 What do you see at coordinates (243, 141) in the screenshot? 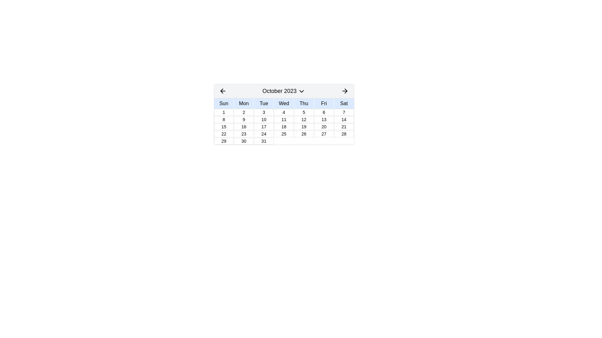
I see `the calendar day cell displaying the number '30' located in the bottom row, sixth column of the calendar grid` at bounding box center [243, 141].